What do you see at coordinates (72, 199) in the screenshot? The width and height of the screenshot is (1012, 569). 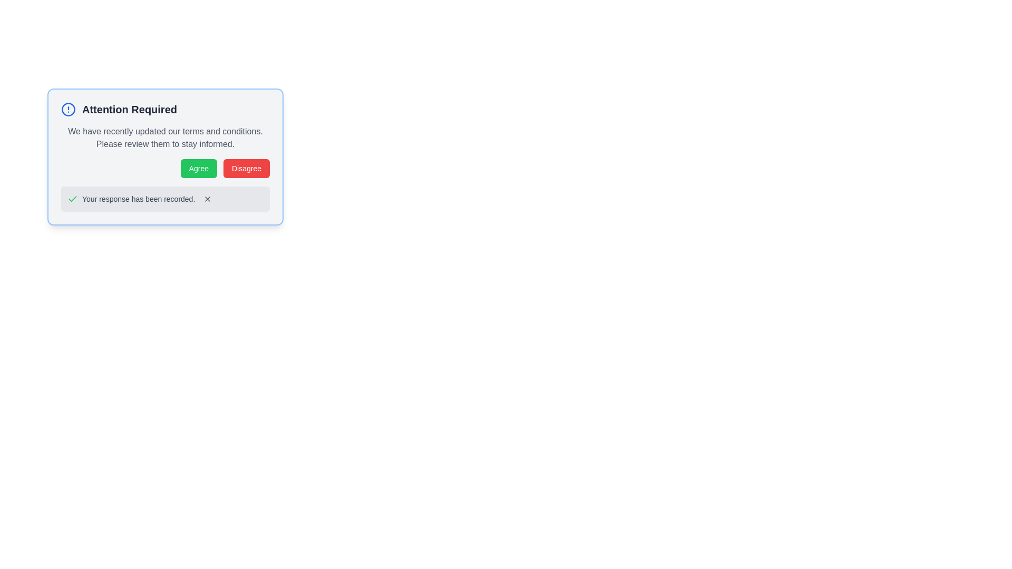 I see `the success confirmation icon located to the left of the text 'Your response has been recorded.' in the light gray success message box at the bottom of the main dialog` at bounding box center [72, 199].